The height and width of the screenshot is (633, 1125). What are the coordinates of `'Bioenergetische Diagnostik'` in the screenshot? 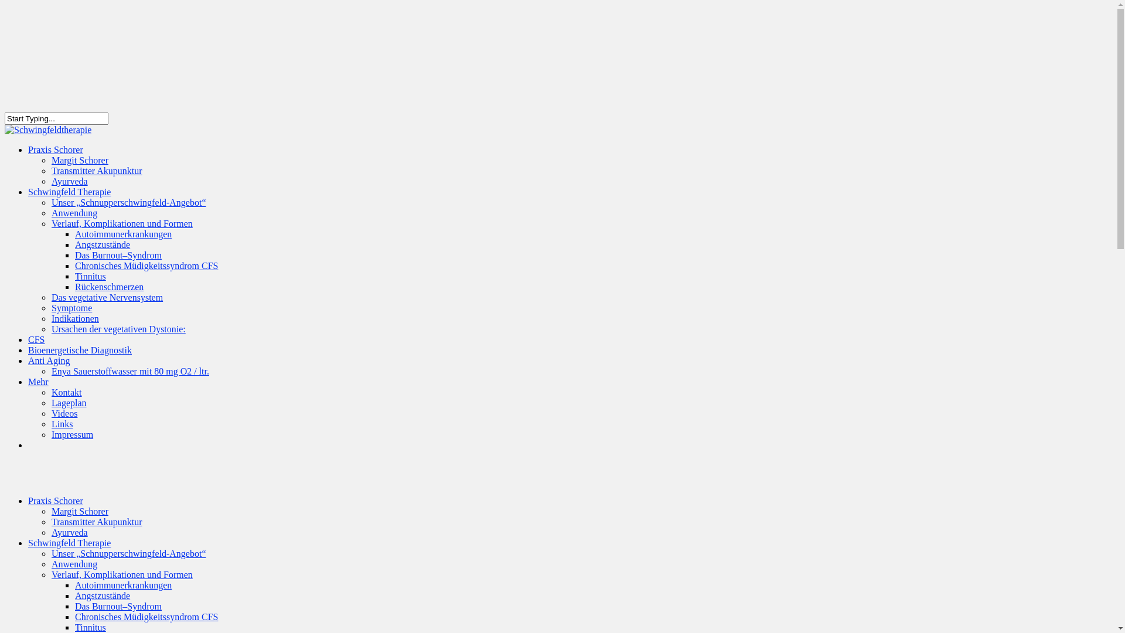 It's located at (79, 358).